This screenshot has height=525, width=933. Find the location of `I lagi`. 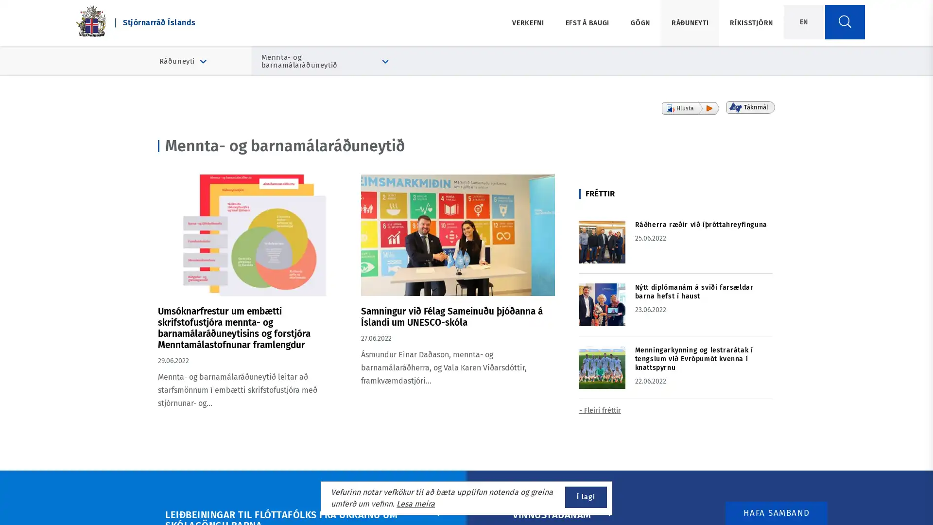

I lagi is located at coordinates (585, 497).